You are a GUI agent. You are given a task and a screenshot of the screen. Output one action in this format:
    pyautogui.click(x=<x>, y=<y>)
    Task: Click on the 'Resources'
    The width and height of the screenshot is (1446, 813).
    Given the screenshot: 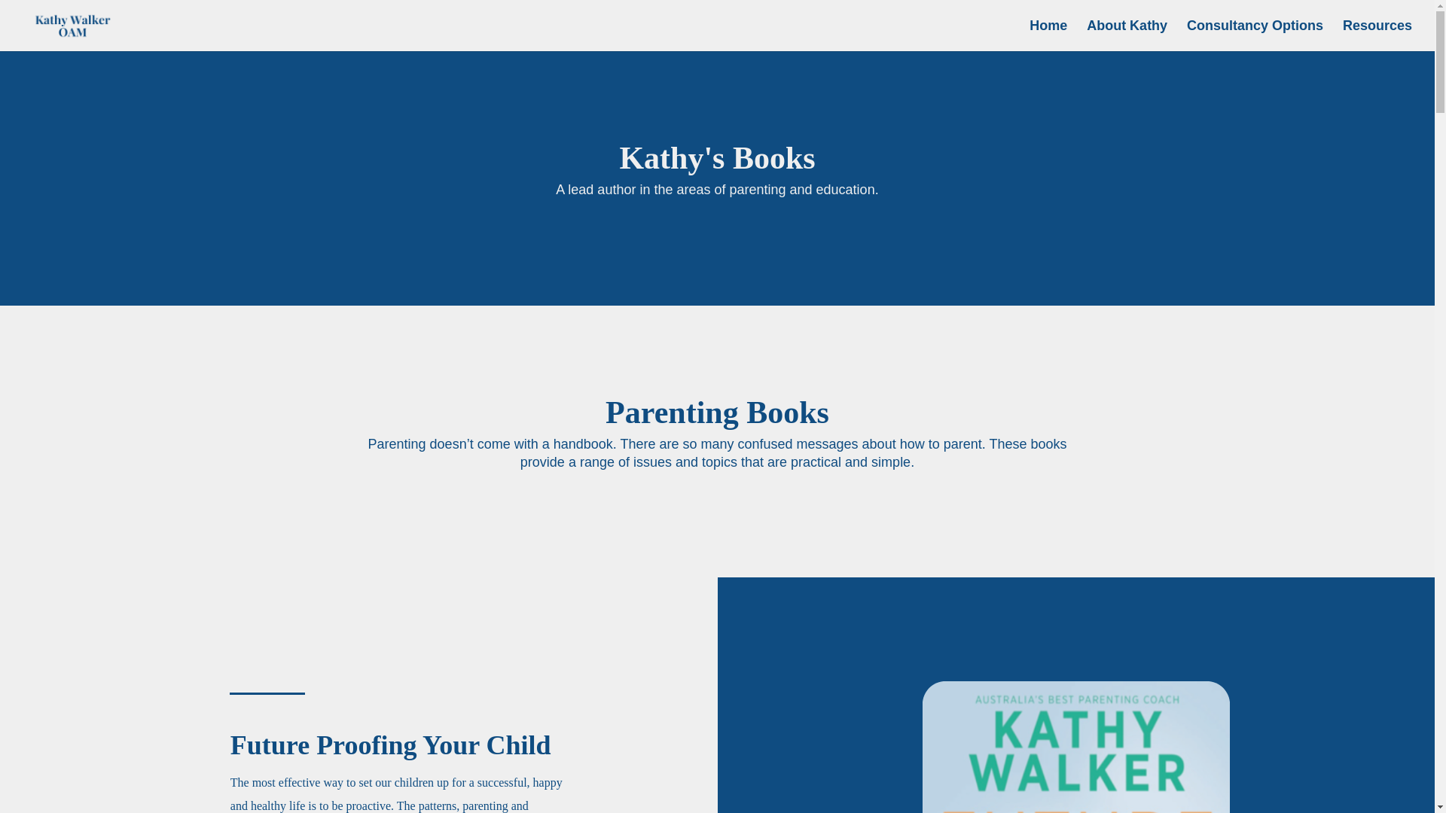 What is the action you would take?
    pyautogui.click(x=1342, y=35)
    